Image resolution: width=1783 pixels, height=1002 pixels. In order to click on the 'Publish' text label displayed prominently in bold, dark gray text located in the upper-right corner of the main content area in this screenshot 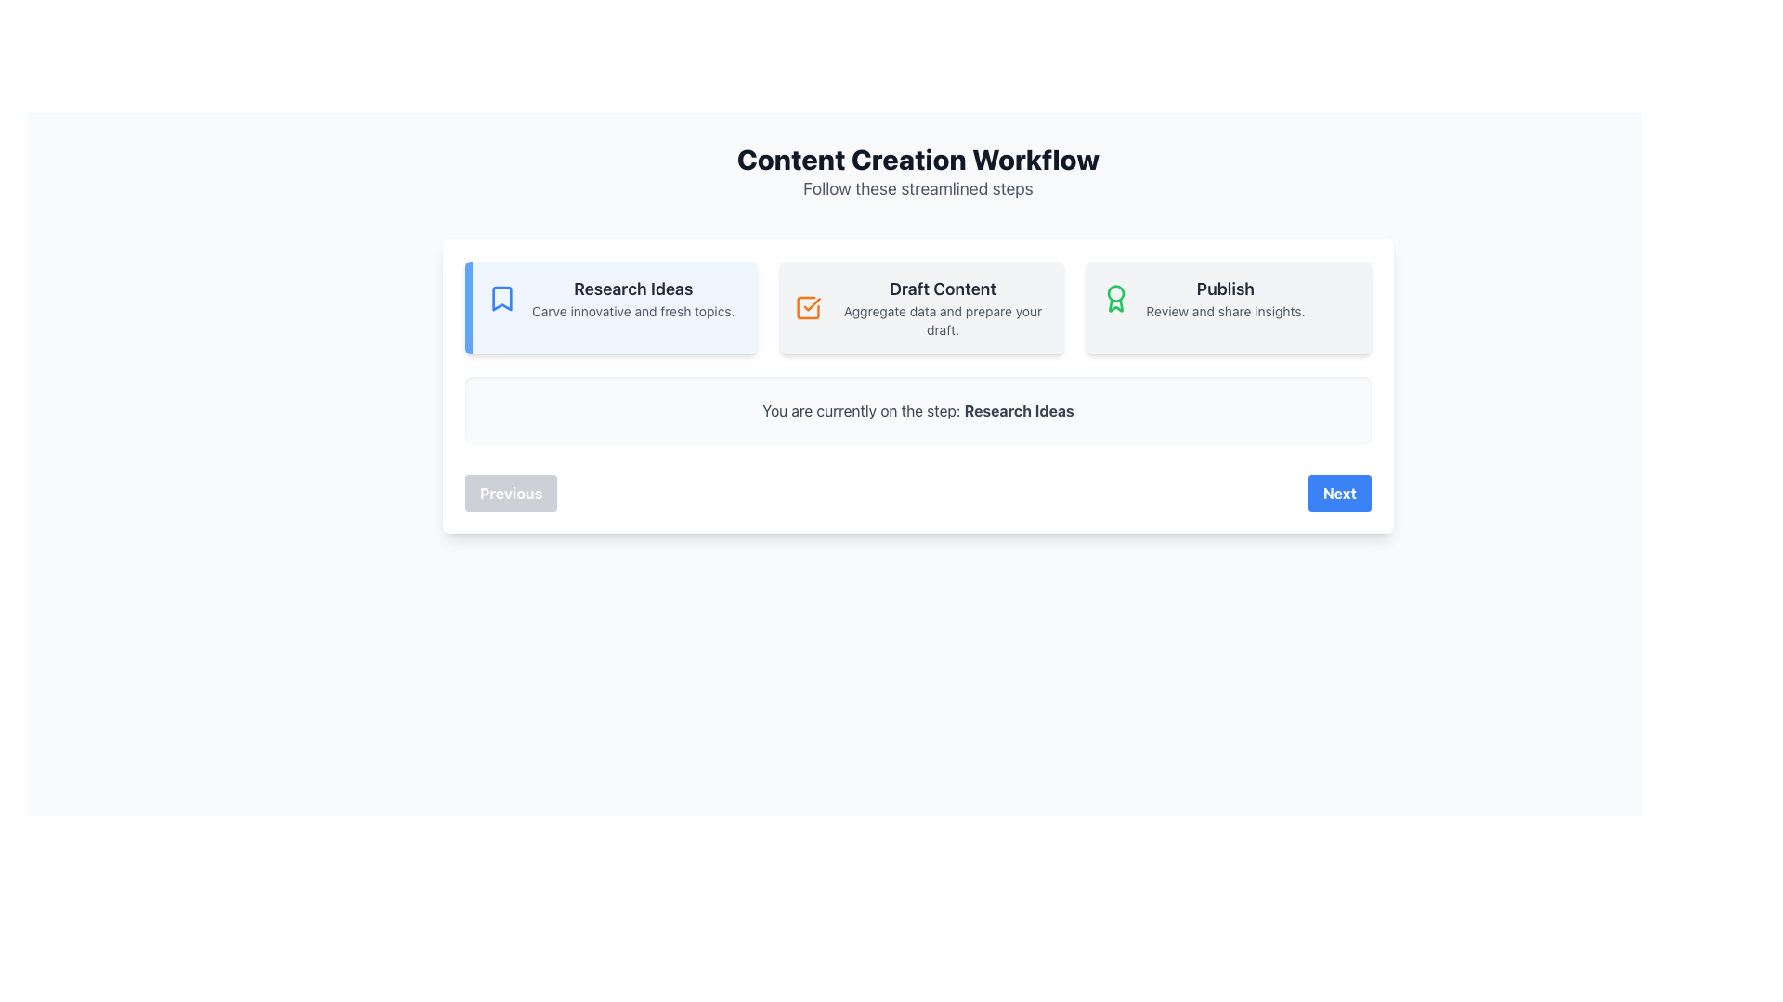, I will do `click(1226, 289)`.